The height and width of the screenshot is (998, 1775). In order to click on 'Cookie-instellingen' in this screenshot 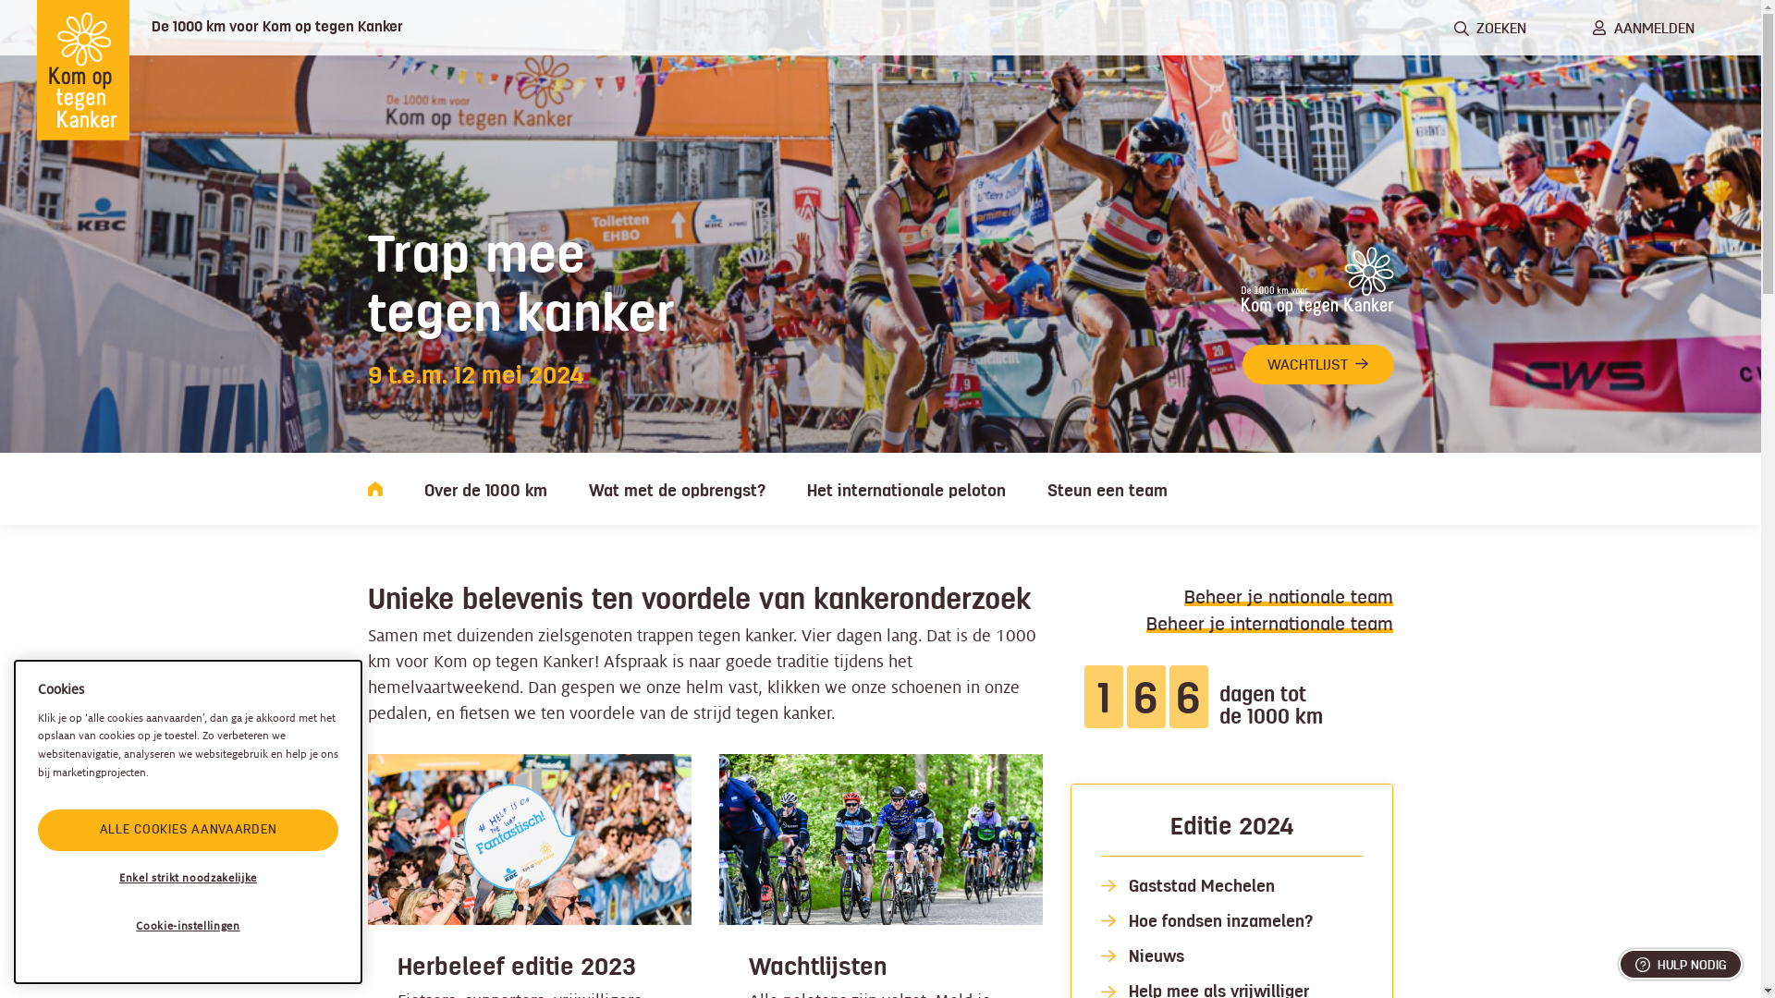, I will do `click(188, 926)`.